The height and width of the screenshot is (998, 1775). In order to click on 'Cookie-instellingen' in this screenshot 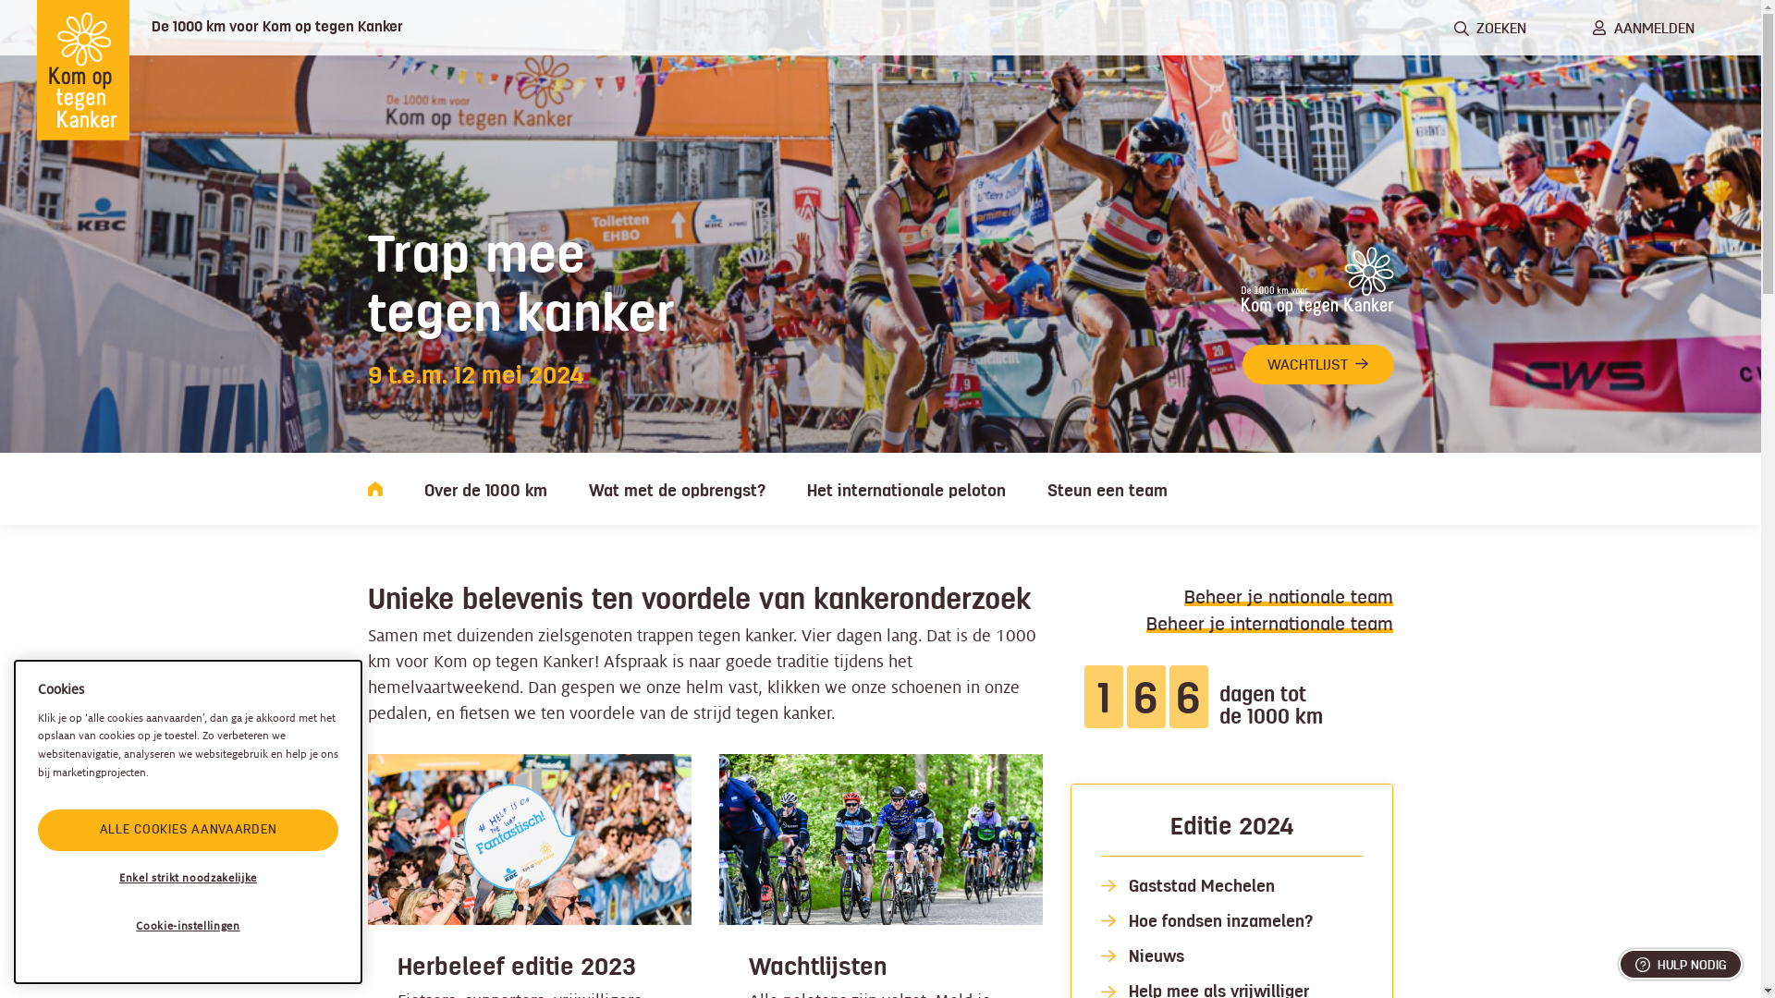, I will do `click(188, 926)`.